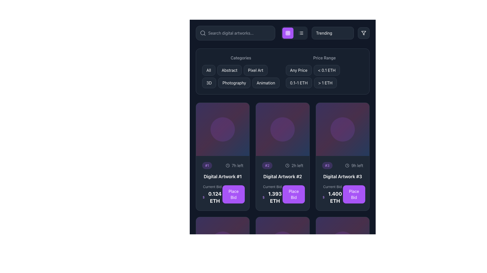 Image resolution: width=487 pixels, height=273 pixels. What do you see at coordinates (323, 197) in the screenshot?
I see `the dollar sign icon located to the left of the numeric value '1.400 ETH' under 'Digital Artwork #3.'` at bounding box center [323, 197].